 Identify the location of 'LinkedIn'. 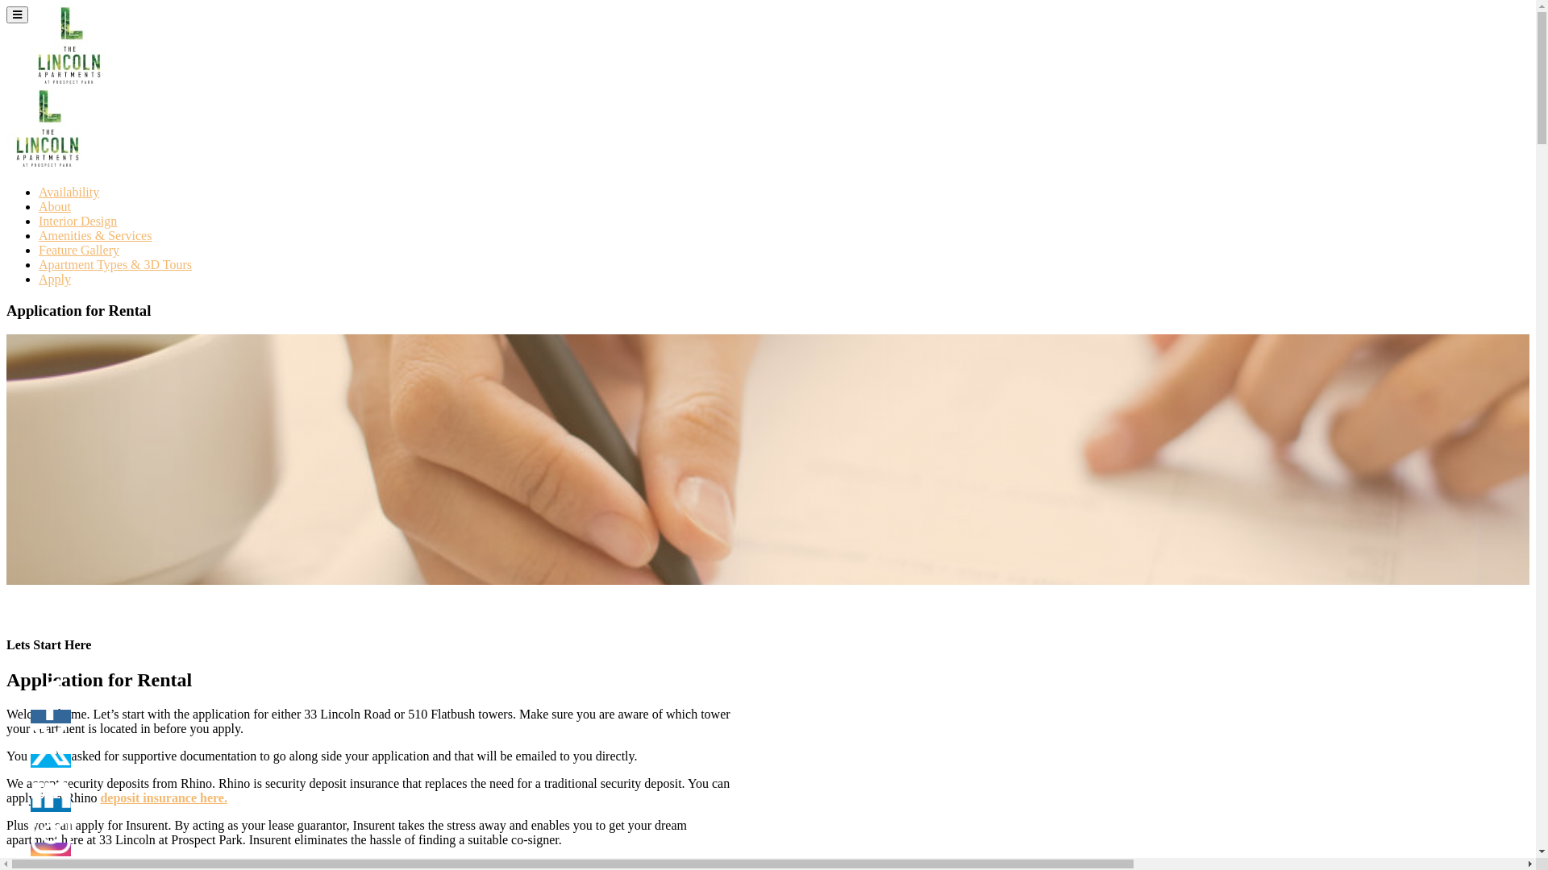
(50, 788).